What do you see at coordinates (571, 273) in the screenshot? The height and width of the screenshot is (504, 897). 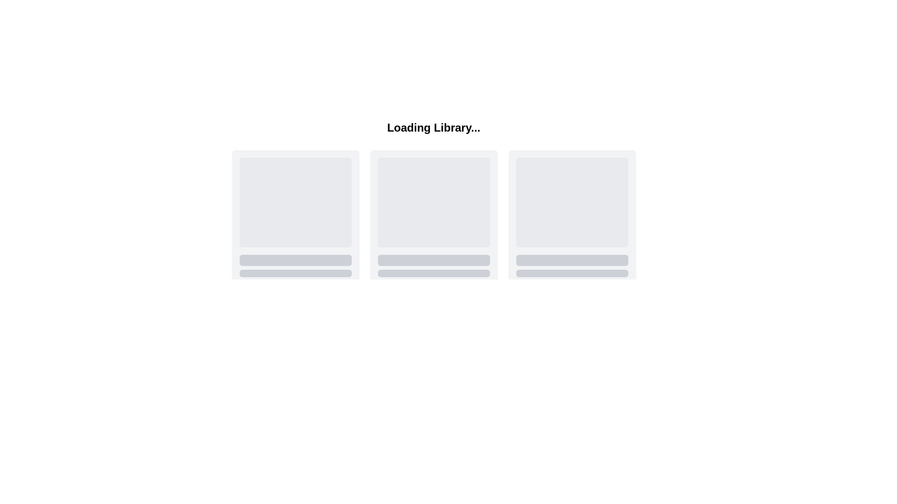 I see `the Decorative Bar, a thin horizontal rectangle with a gray background and rounded corners, located at the bottom of the rightmost card beneath a thicker bar` at bounding box center [571, 273].